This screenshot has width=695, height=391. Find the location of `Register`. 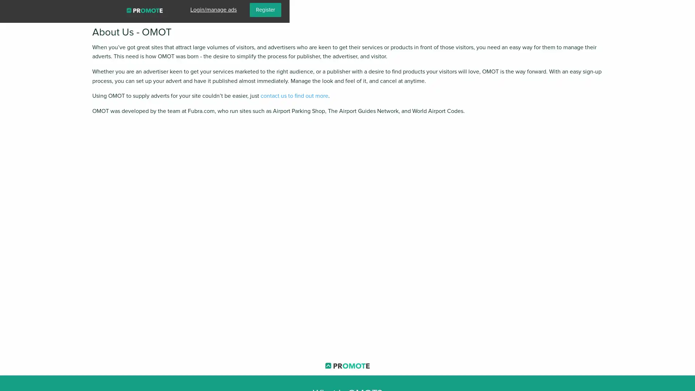

Register is located at coordinates (670, 10).